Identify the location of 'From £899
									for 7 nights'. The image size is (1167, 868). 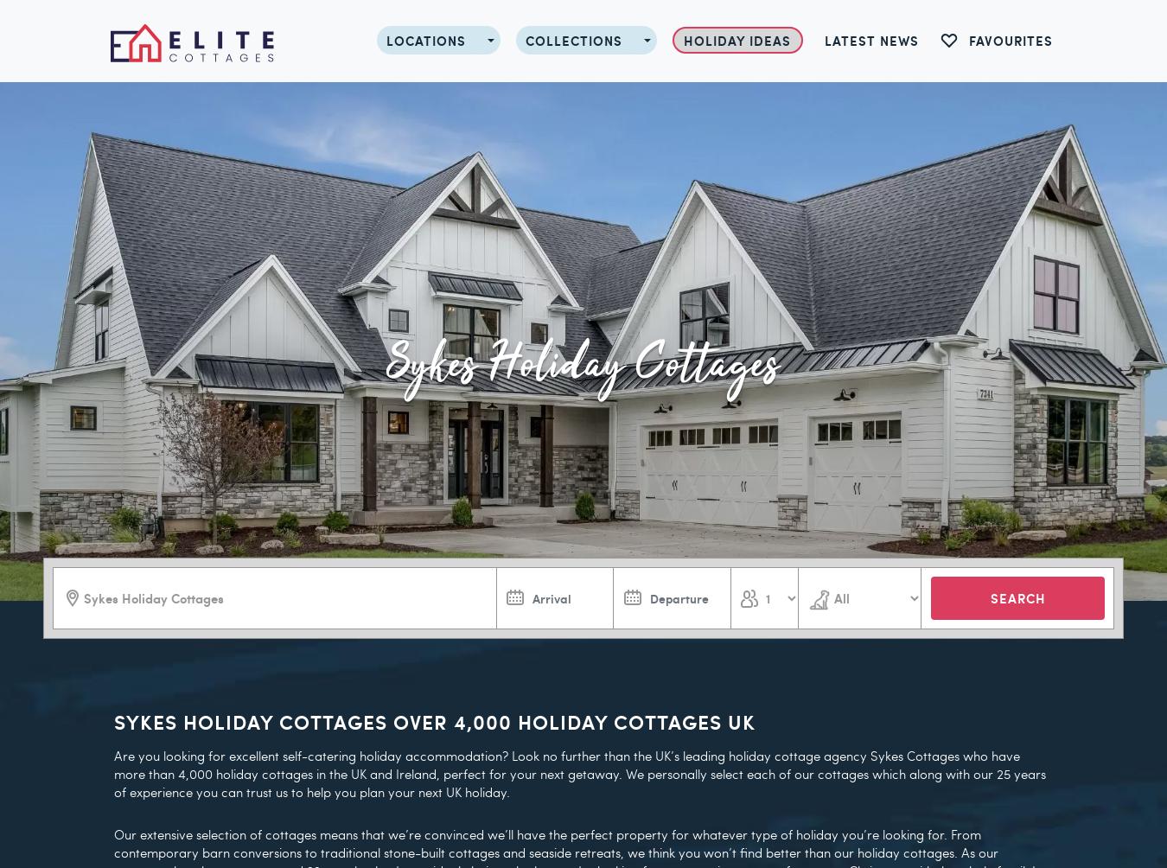
(614, 525).